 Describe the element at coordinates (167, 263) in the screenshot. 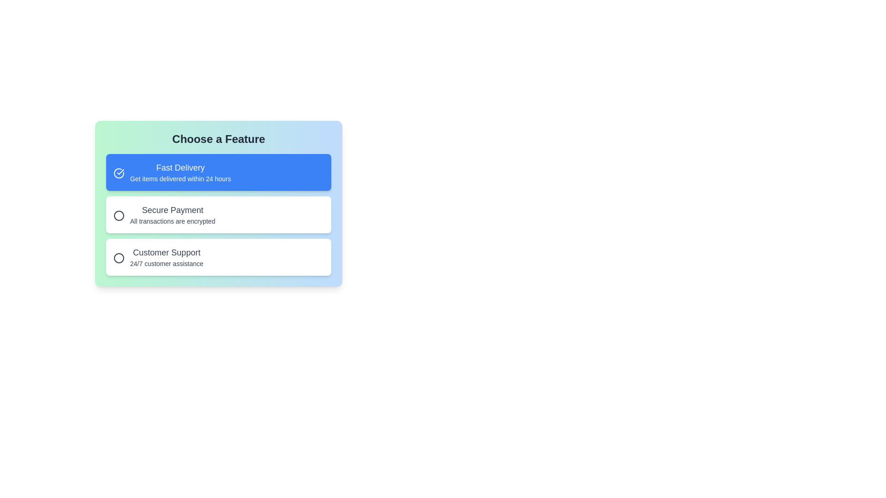

I see `the text label reading '24/7 customer assistance', which is positioned beneath the bold 'Customer Support' title in the third option of the selection list` at that location.